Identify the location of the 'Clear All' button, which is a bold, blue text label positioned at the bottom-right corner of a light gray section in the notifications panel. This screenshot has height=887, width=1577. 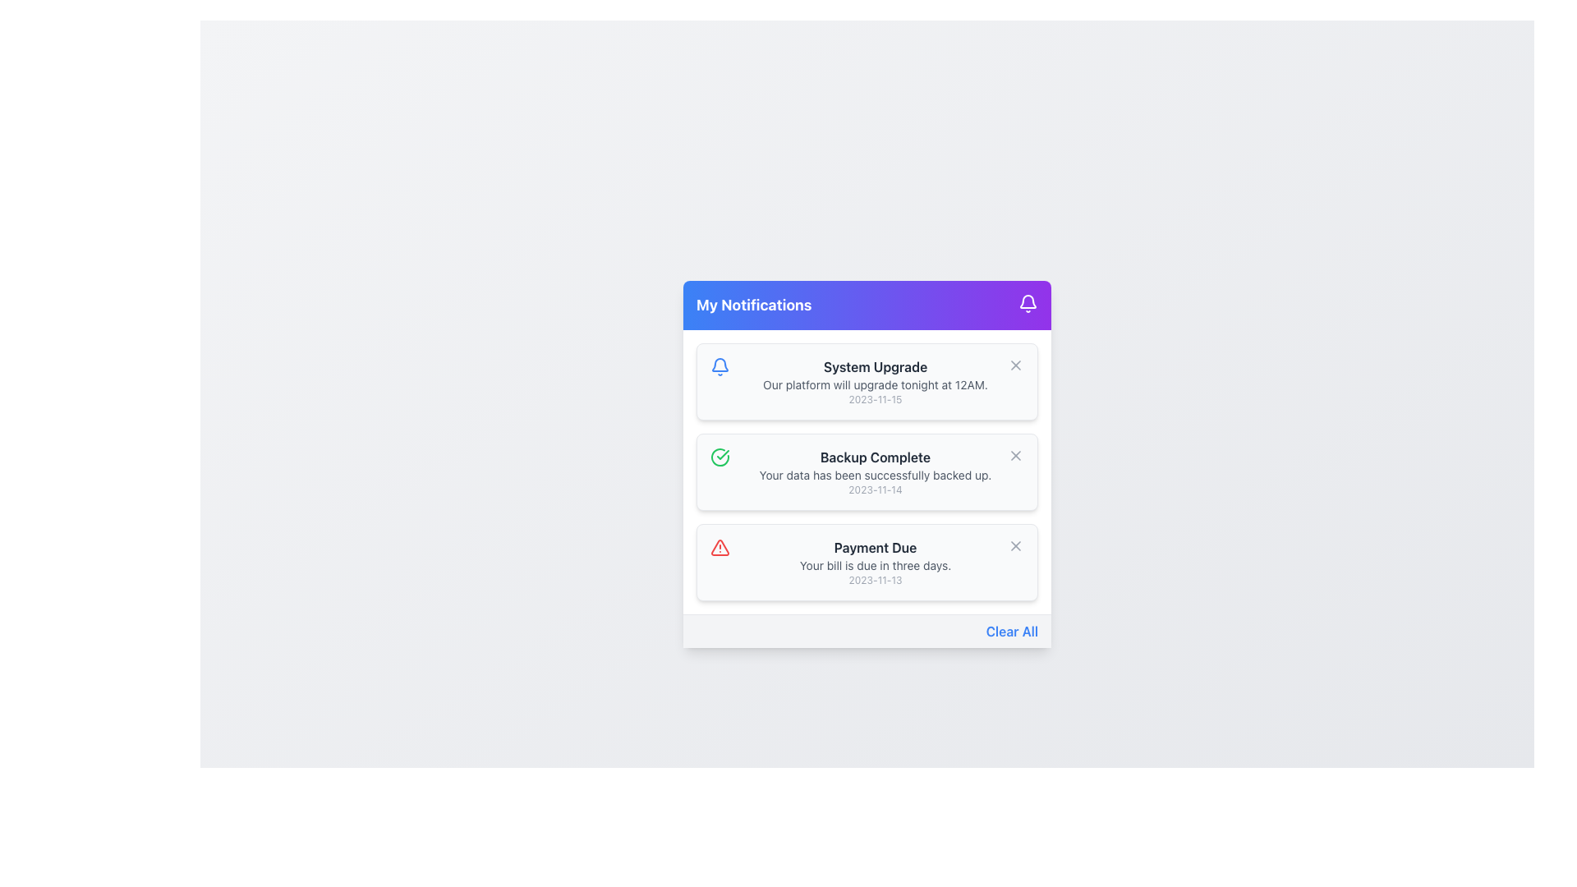
(1011, 630).